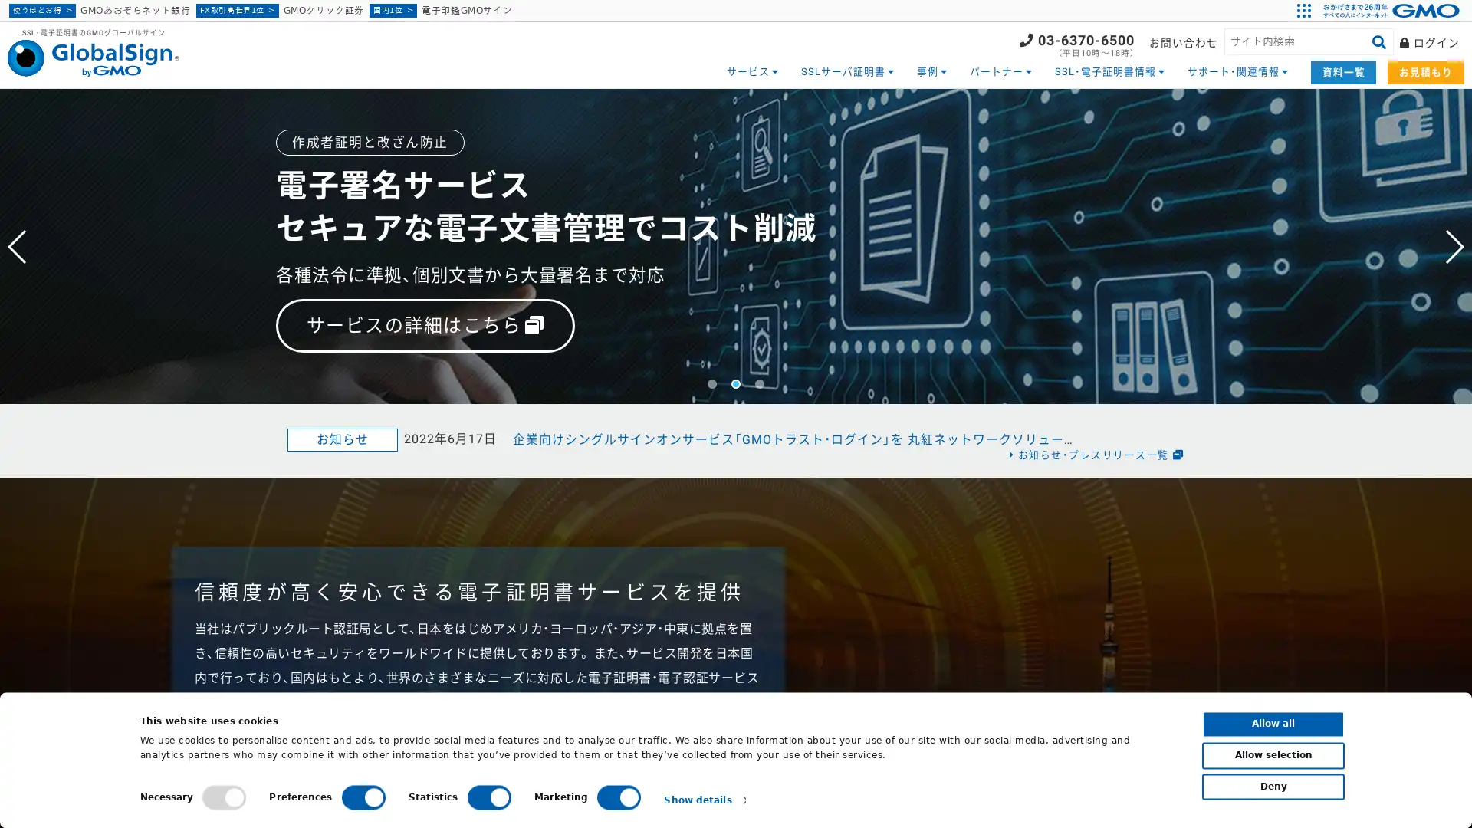  Describe the element at coordinates (1273, 724) in the screenshot. I see `Allow all` at that location.